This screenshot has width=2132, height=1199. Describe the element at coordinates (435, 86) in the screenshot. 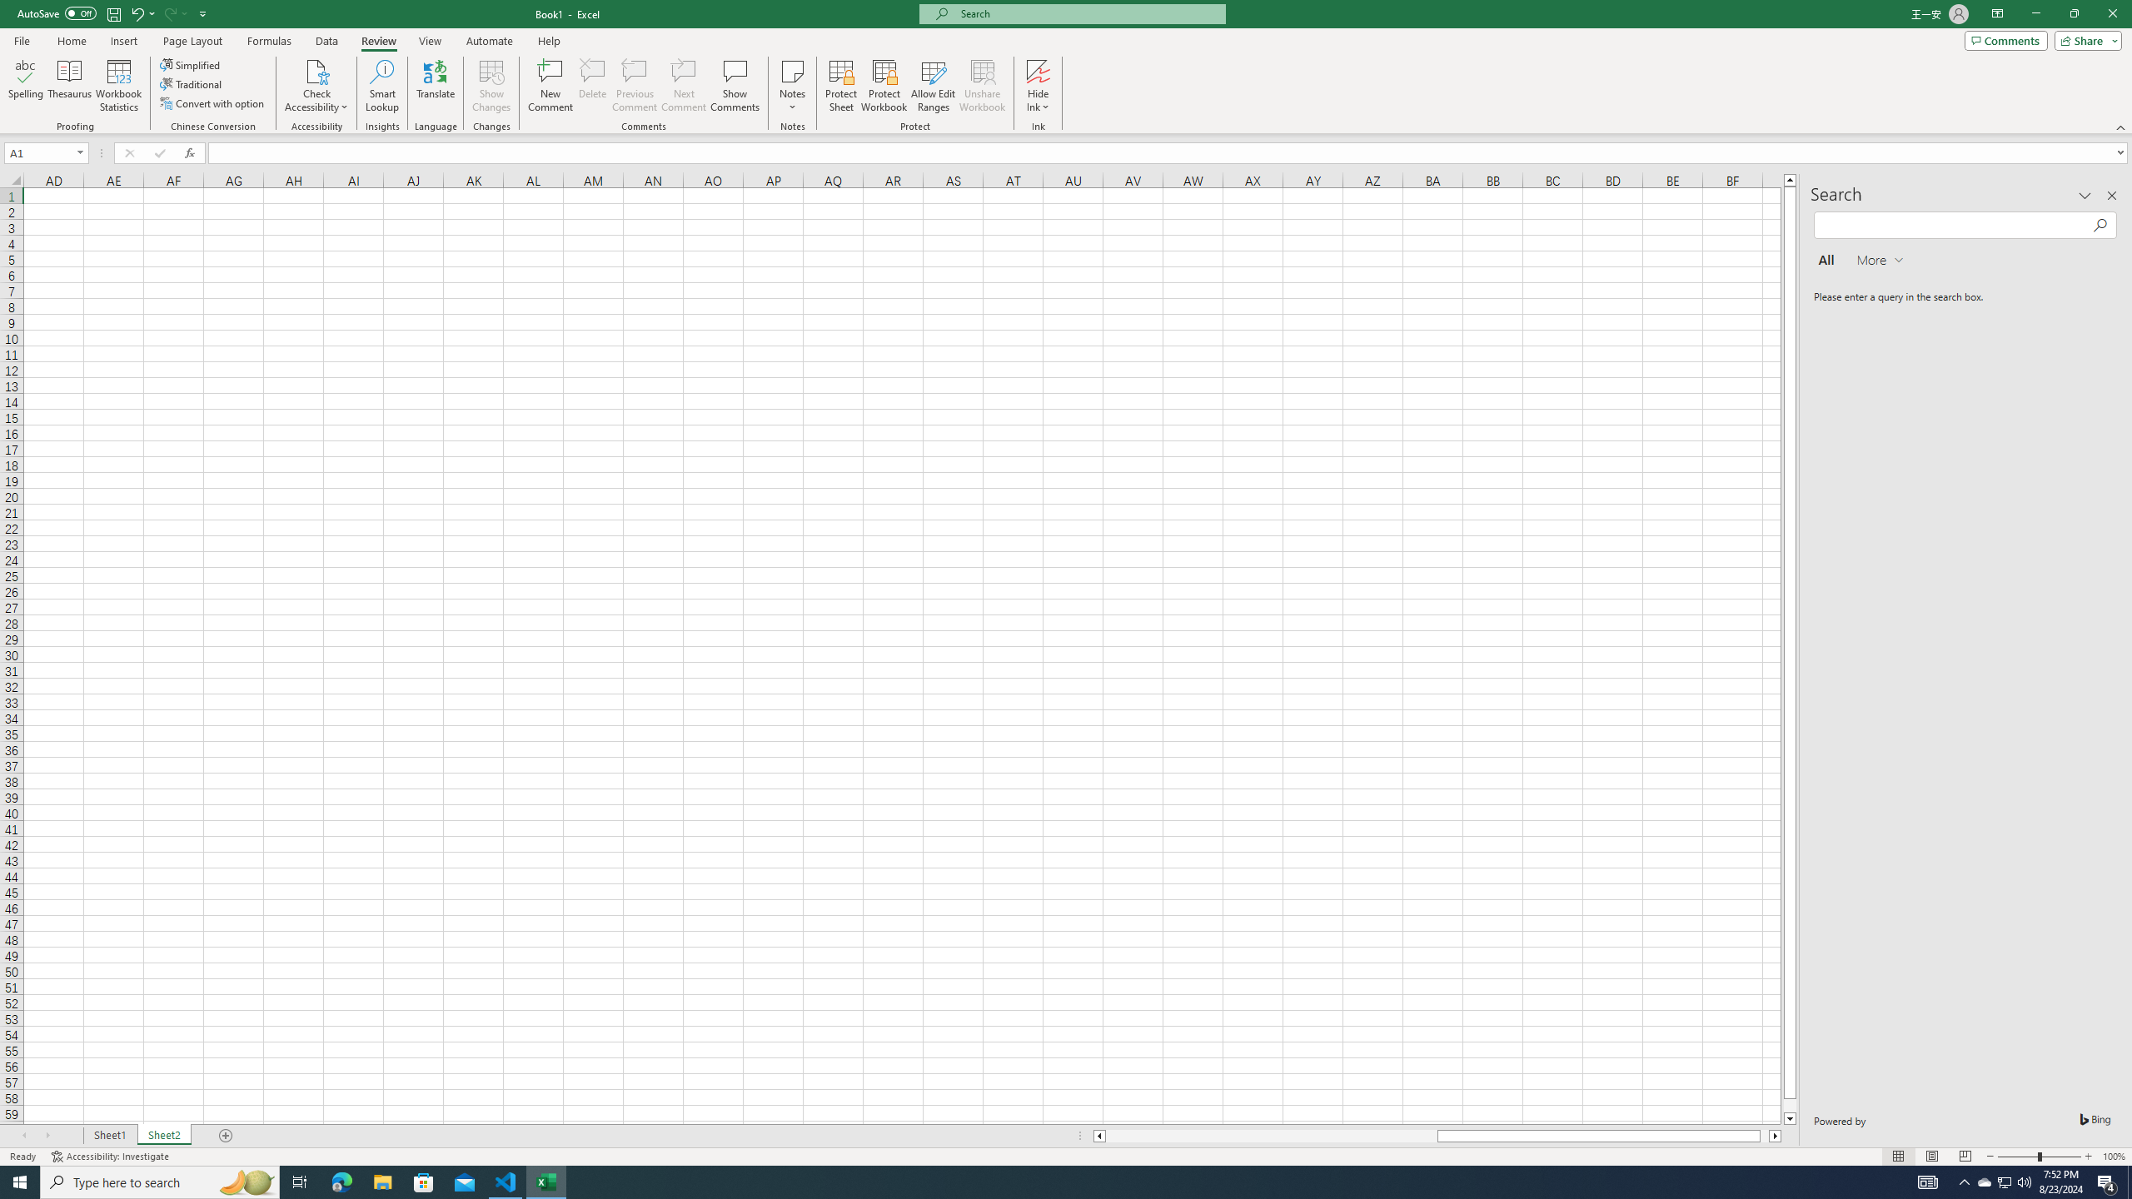

I see `'Translate'` at that location.